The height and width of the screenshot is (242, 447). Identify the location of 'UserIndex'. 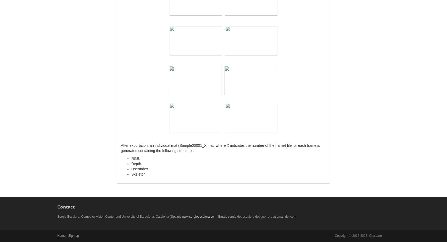
(139, 169).